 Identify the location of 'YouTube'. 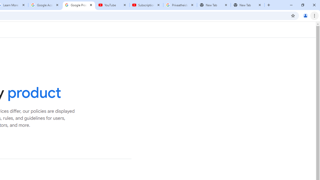
(112, 5).